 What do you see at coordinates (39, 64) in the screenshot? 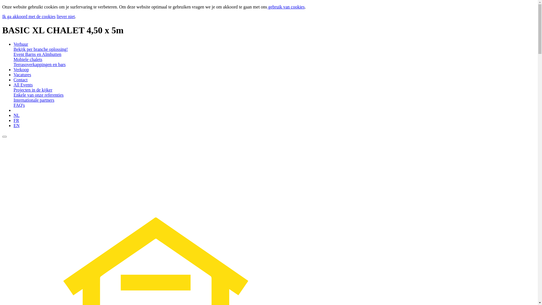
I see `'Terrasoverkappingen en bars'` at bounding box center [39, 64].